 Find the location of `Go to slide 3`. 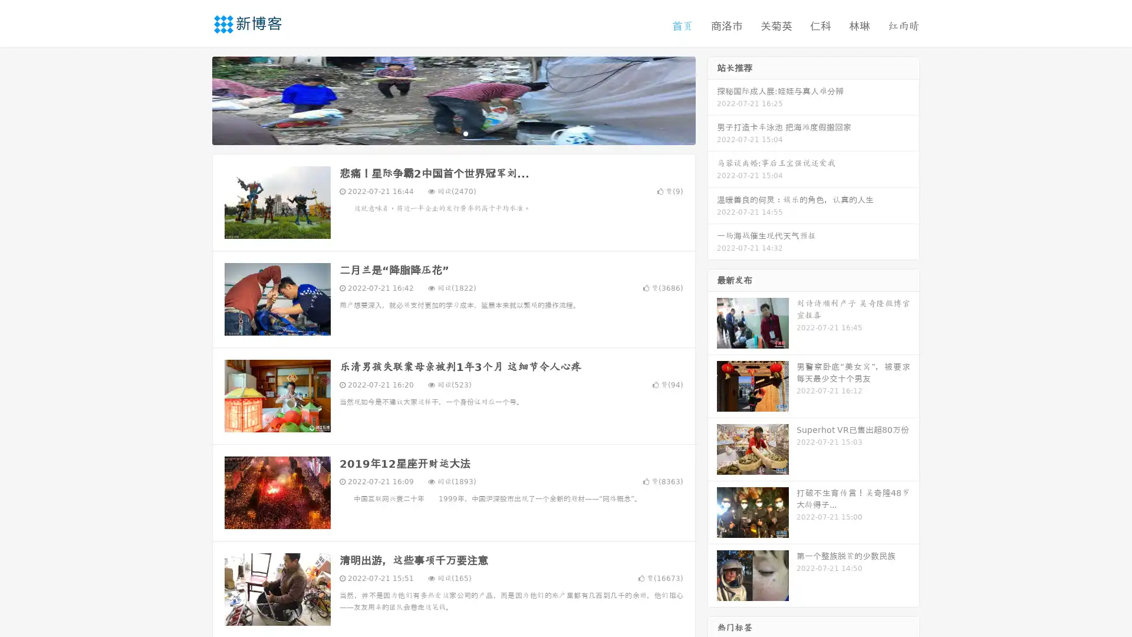

Go to slide 3 is located at coordinates (465, 133).